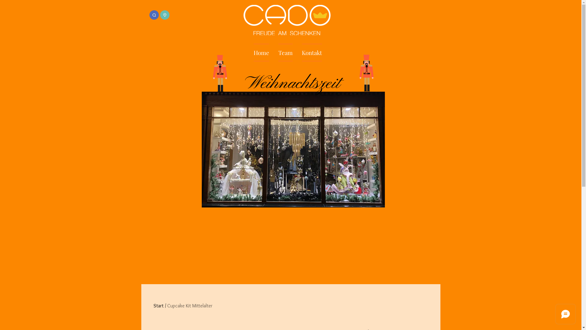 The width and height of the screenshot is (586, 330). What do you see at coordinates (285, 52) in the screenshot?
I see `'Team'` at bounding box center [285, 52].